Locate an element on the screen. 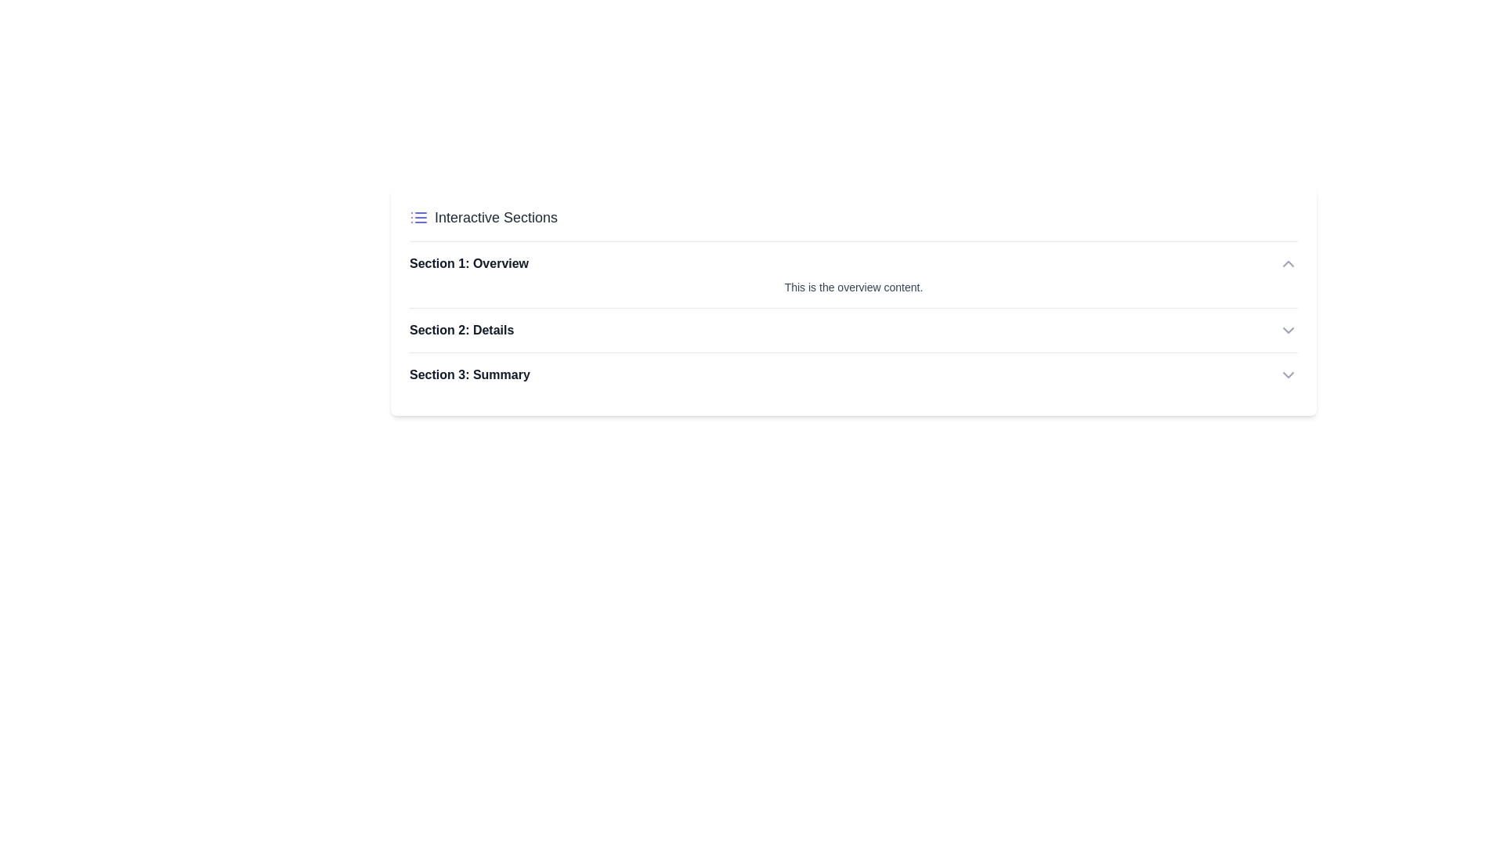 The height and width of the screenshot is (846, 1504). the Dropdown toggle icon (chevron) next to the 'Section 2: Details' title is located at coordinates (1289, 329).